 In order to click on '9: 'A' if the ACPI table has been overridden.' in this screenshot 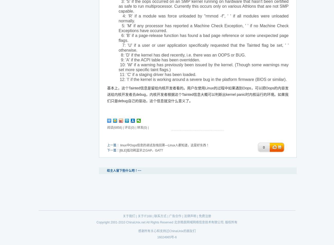, I will do `click(118, 60)`.